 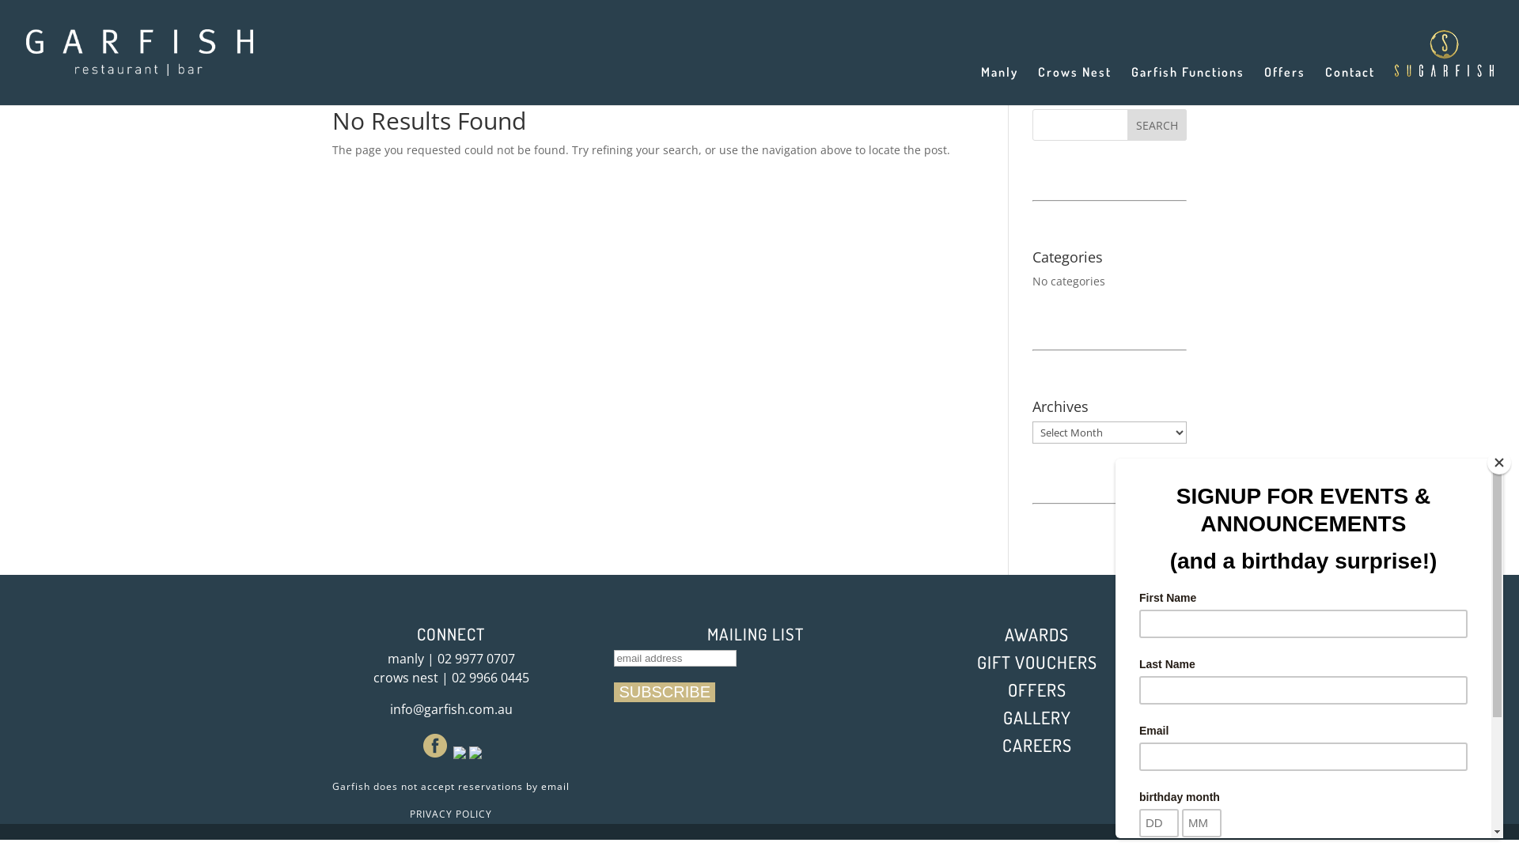 I want to click on 'CAREERS', so click(x=1036, y=744).